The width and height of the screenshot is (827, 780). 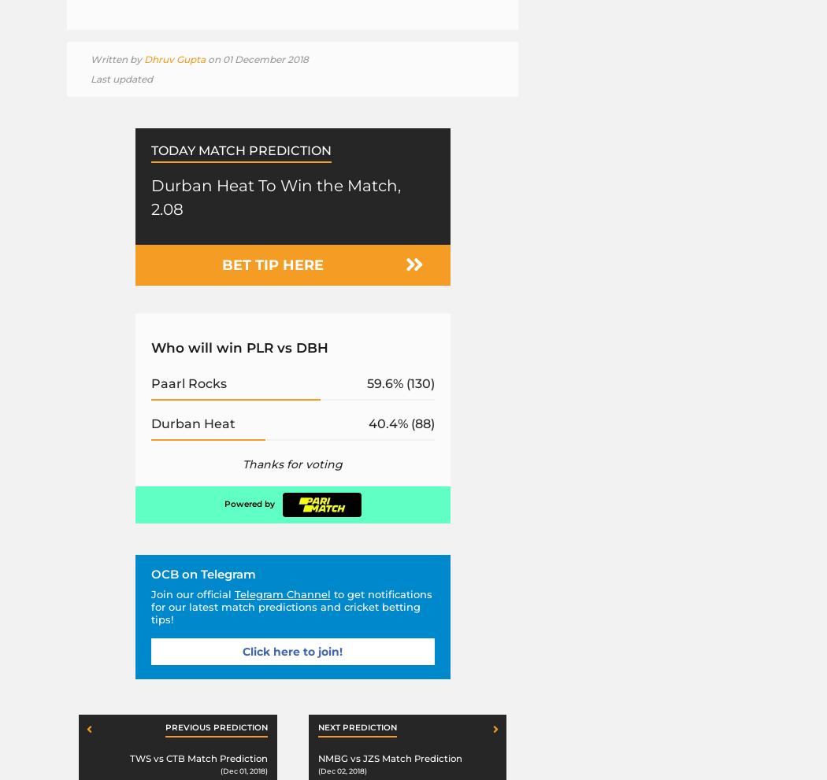 What do you see at coordinates (400, 423) in the screenshot?
I see `'40.4% (88)'` at bounding box center [400, 423].